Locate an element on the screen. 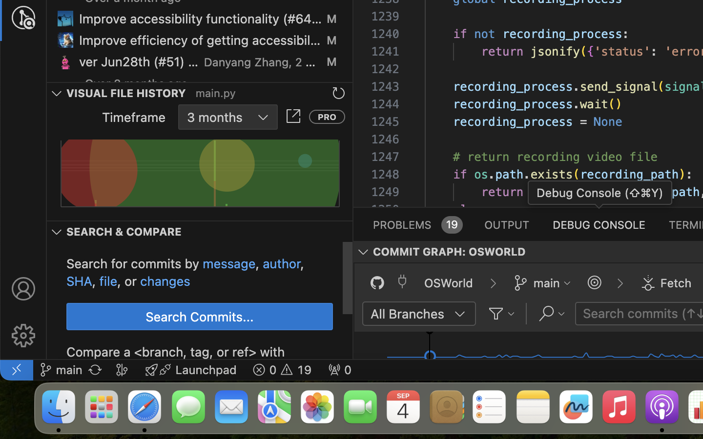 Image resolution: width=703 pixels, height=439 pixels. '' is located at coordinates (293, 115).